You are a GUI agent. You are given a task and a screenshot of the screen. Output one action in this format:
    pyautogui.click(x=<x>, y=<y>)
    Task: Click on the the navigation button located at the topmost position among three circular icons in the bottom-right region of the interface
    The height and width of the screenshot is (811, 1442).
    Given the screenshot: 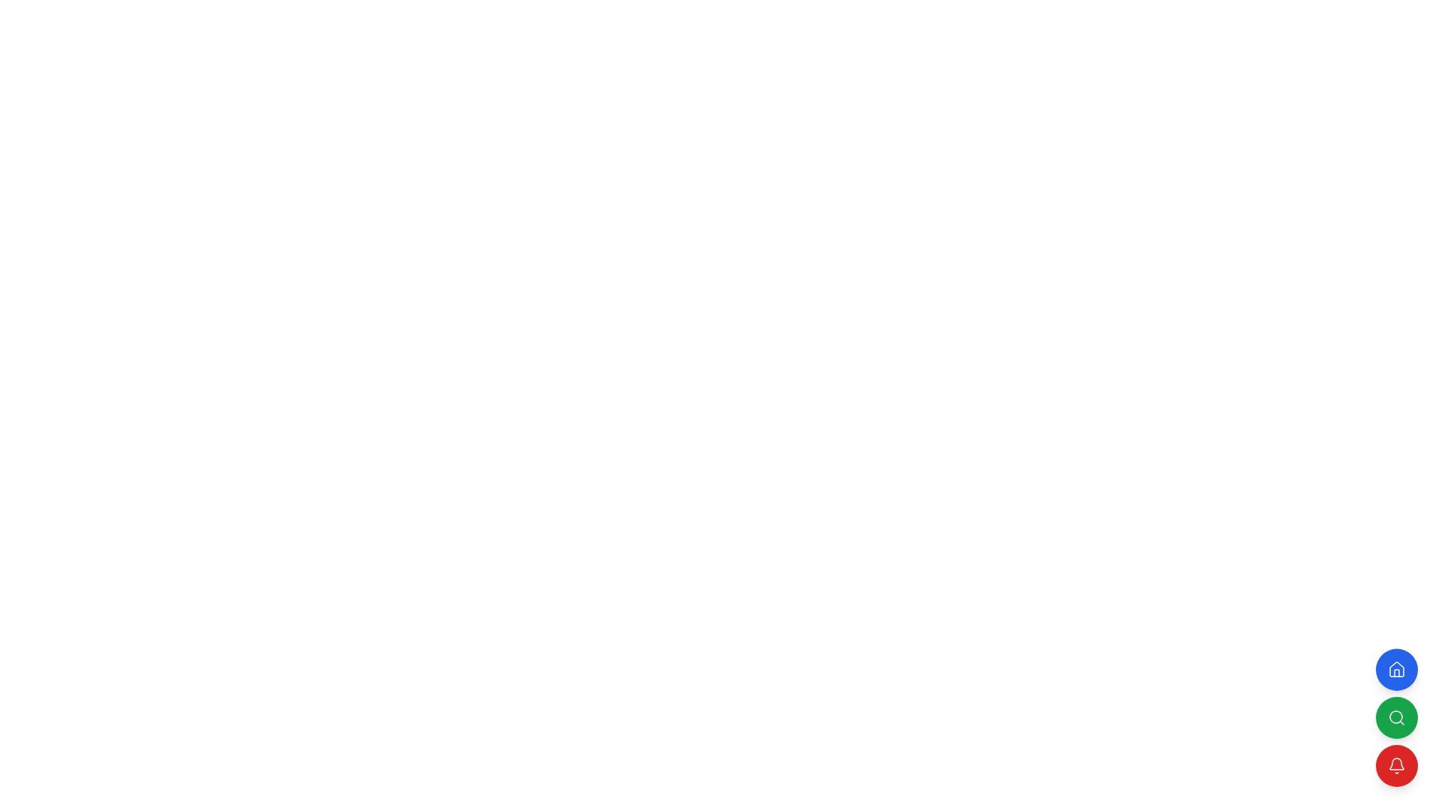 What is the action you would take?
    pyautogui.click(x=1396, y=672)
    